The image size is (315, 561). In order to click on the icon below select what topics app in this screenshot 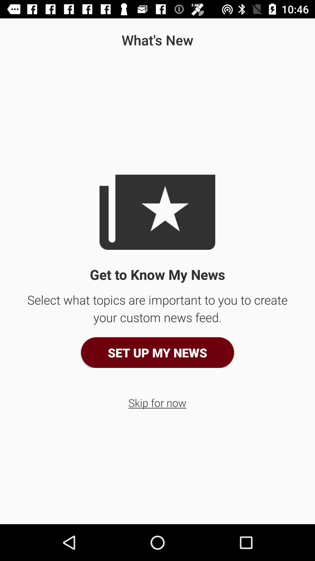, I will do `click(157, 352)`.